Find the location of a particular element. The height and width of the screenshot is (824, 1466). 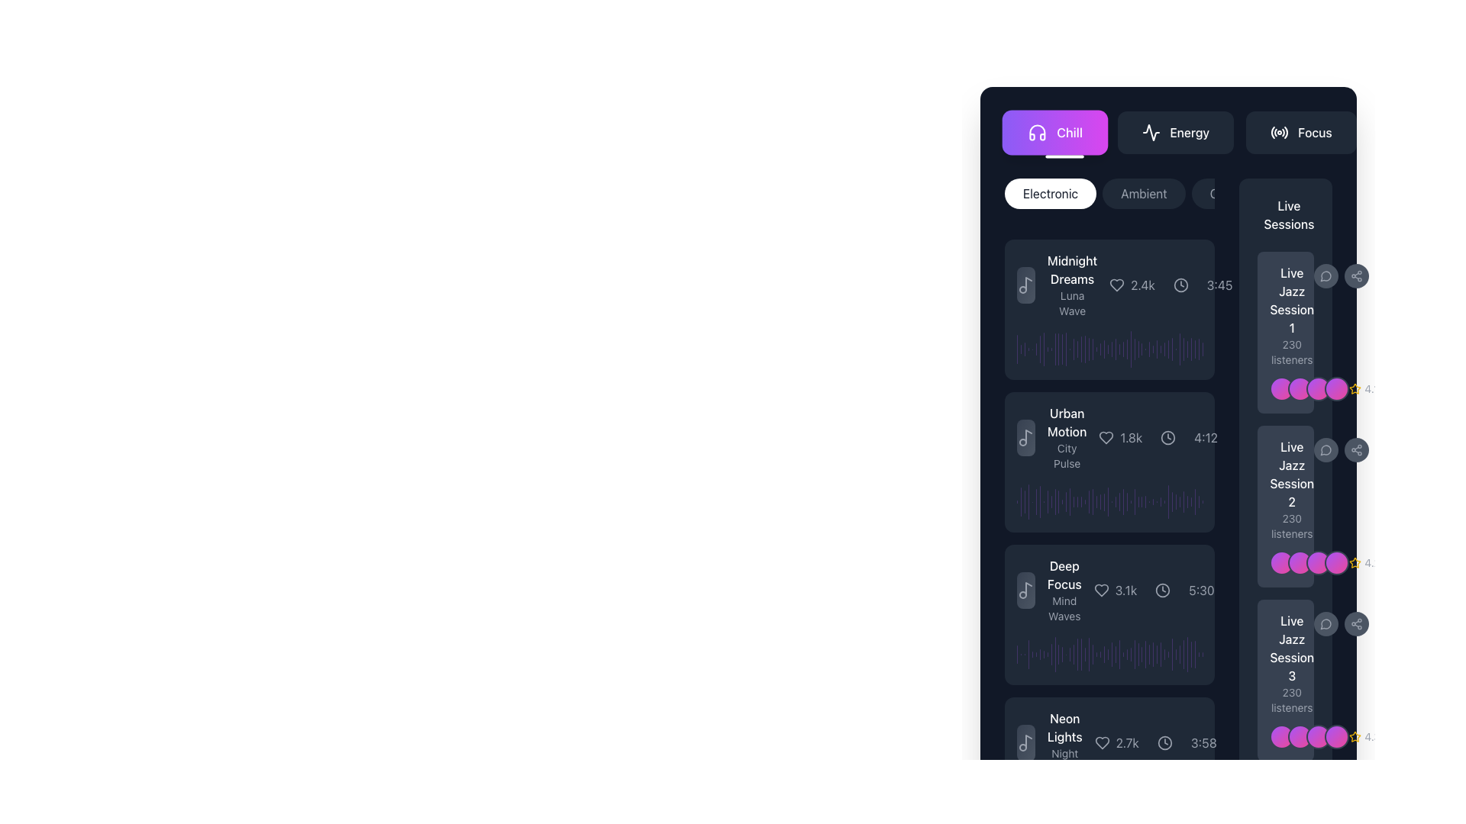

the 28th vertical bar in the audio amplitude visualization located near the bottom-right of the interface, adjacent to the 'Live Jazz Session 2' track listing is located at coordinates (1112, 653).